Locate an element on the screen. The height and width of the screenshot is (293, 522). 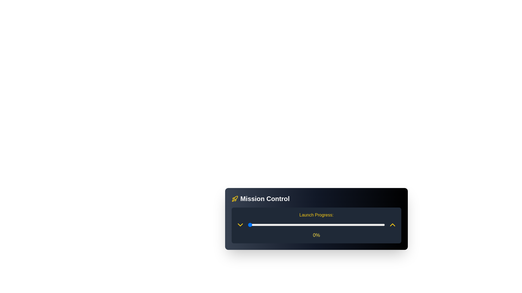
the slider to set the launch progress to 88% is located at coordinates (368, 225).